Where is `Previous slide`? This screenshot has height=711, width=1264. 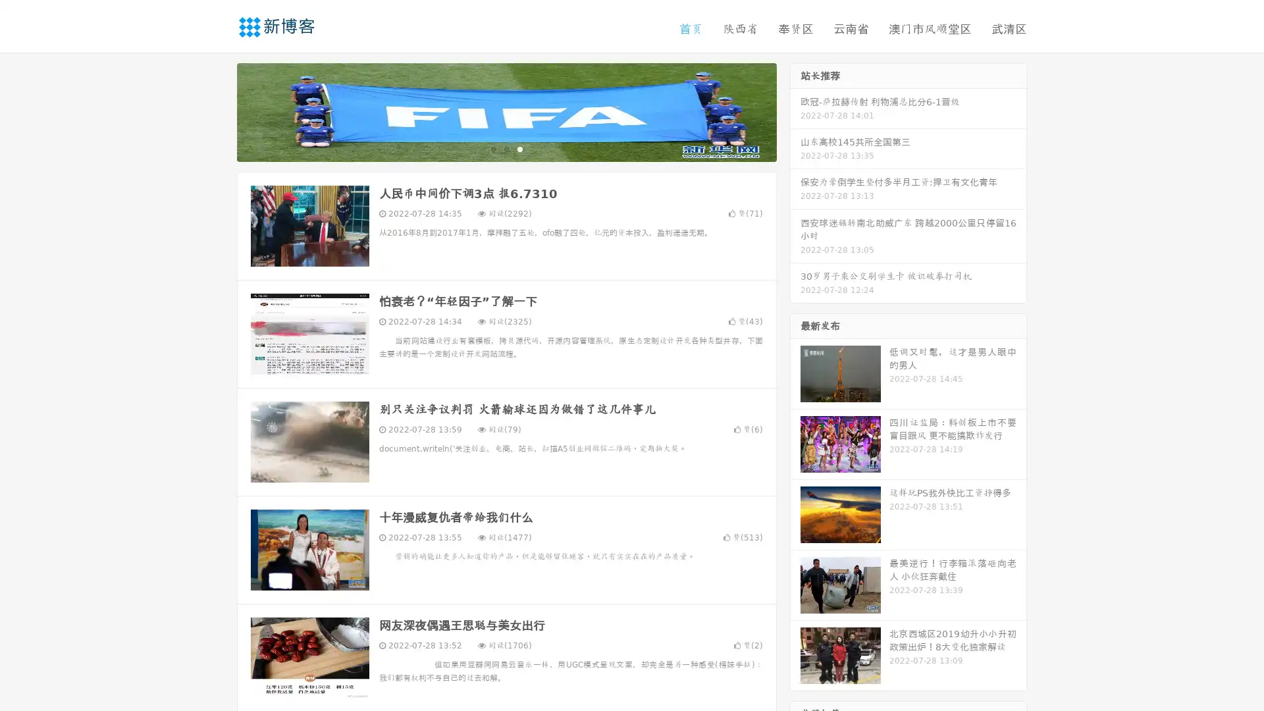
Previous slide is located at coordinates (217, 111).